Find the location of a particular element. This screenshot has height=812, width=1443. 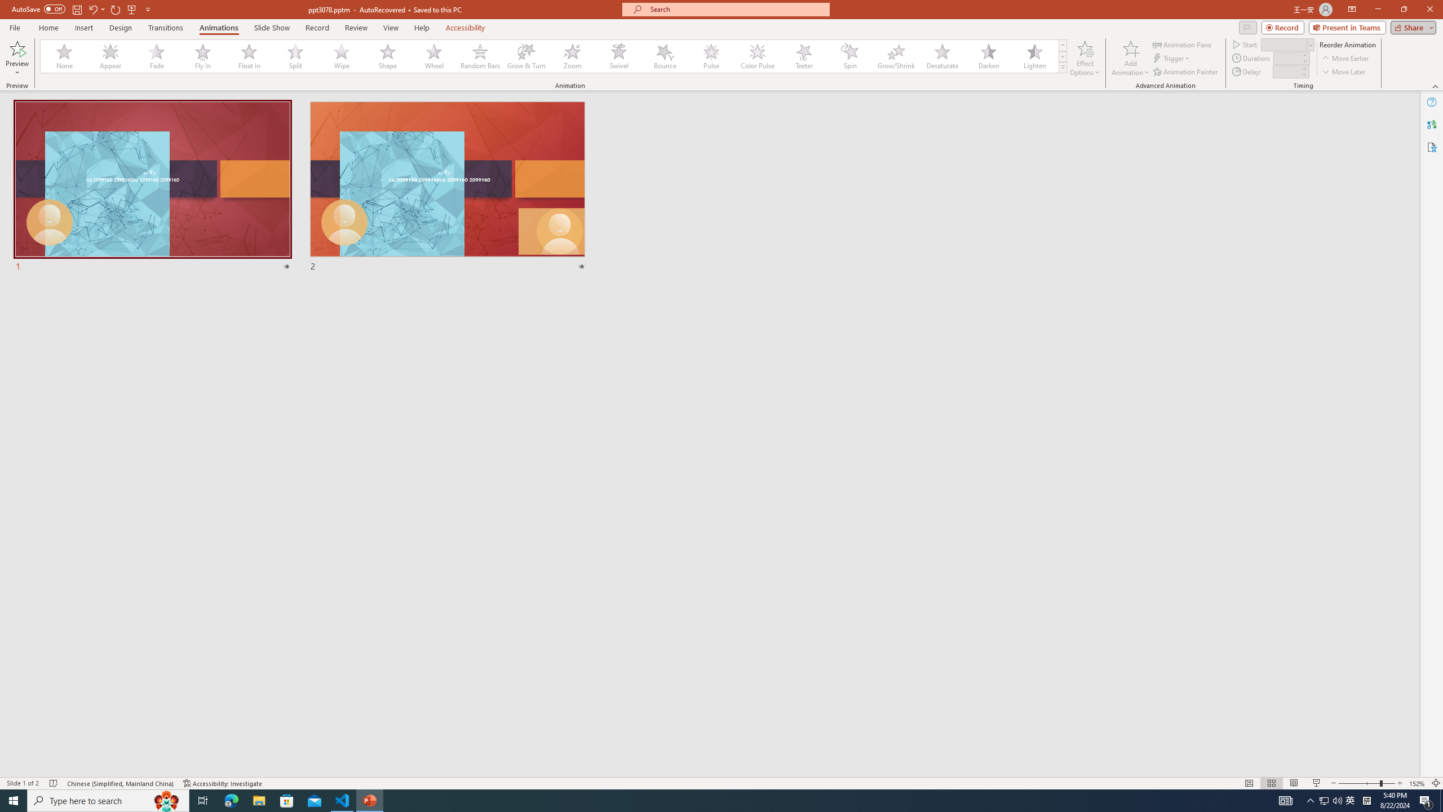

'Animation Pane' is located at coordinates (1183, 44).